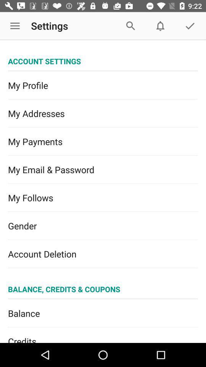 Image resolution: width=206 pixels, height=367 pixels. What do you see at coordinates (103, 141) in the screenshot?
I see `item below the my addresses icon` at bounding box center [103, 141].